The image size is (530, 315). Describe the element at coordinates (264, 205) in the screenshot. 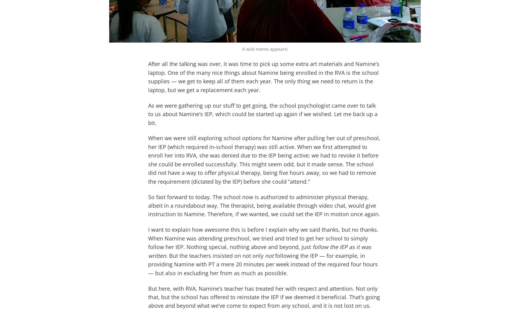

I see `'So fast forward to today. The school now is authorized to administer physical therapy, albeit in a roundabout way. The therapist, being available through video chat, would give instruction to Namine. Therefore, if we wanted, we could set the IEP in motion once again.'` at that location.